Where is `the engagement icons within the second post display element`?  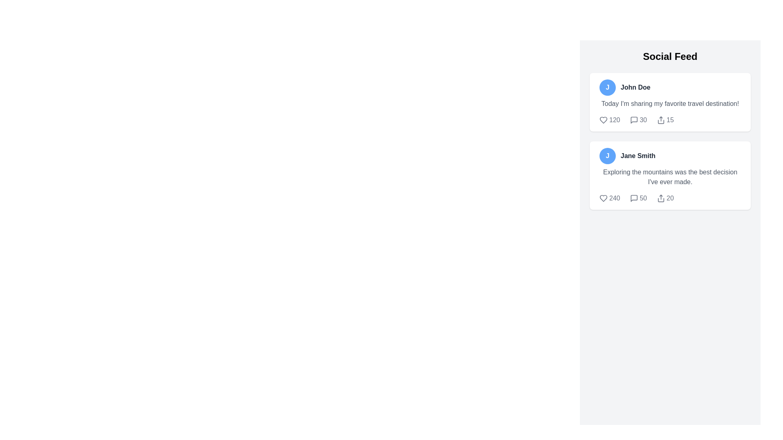
the engagement icons within the second post display element is located at coordinates (670, 141).